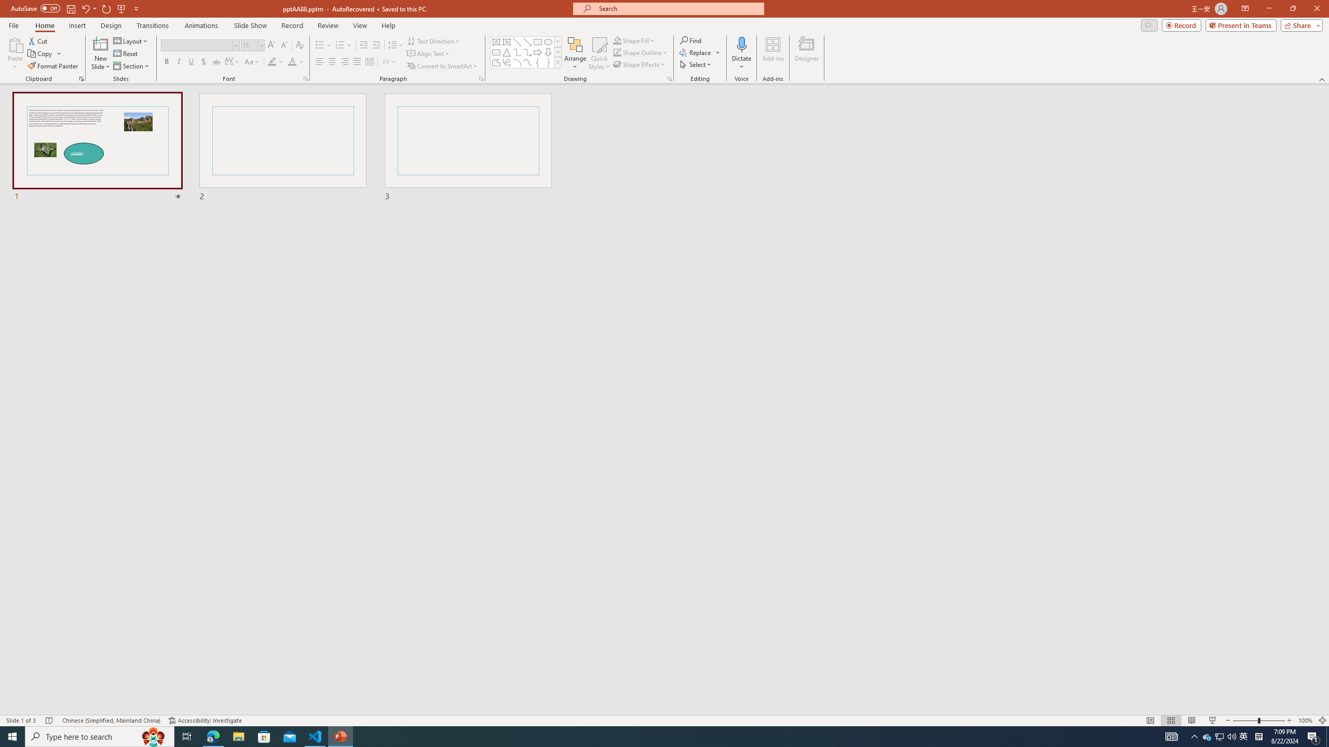  Describe the element at coordinates (1306, 721) in the screenshot. I see `'Zoom 100%'` at that location.